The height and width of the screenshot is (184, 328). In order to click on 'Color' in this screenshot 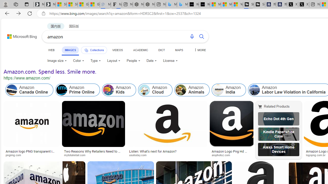, I will do `click(78, 60)`.